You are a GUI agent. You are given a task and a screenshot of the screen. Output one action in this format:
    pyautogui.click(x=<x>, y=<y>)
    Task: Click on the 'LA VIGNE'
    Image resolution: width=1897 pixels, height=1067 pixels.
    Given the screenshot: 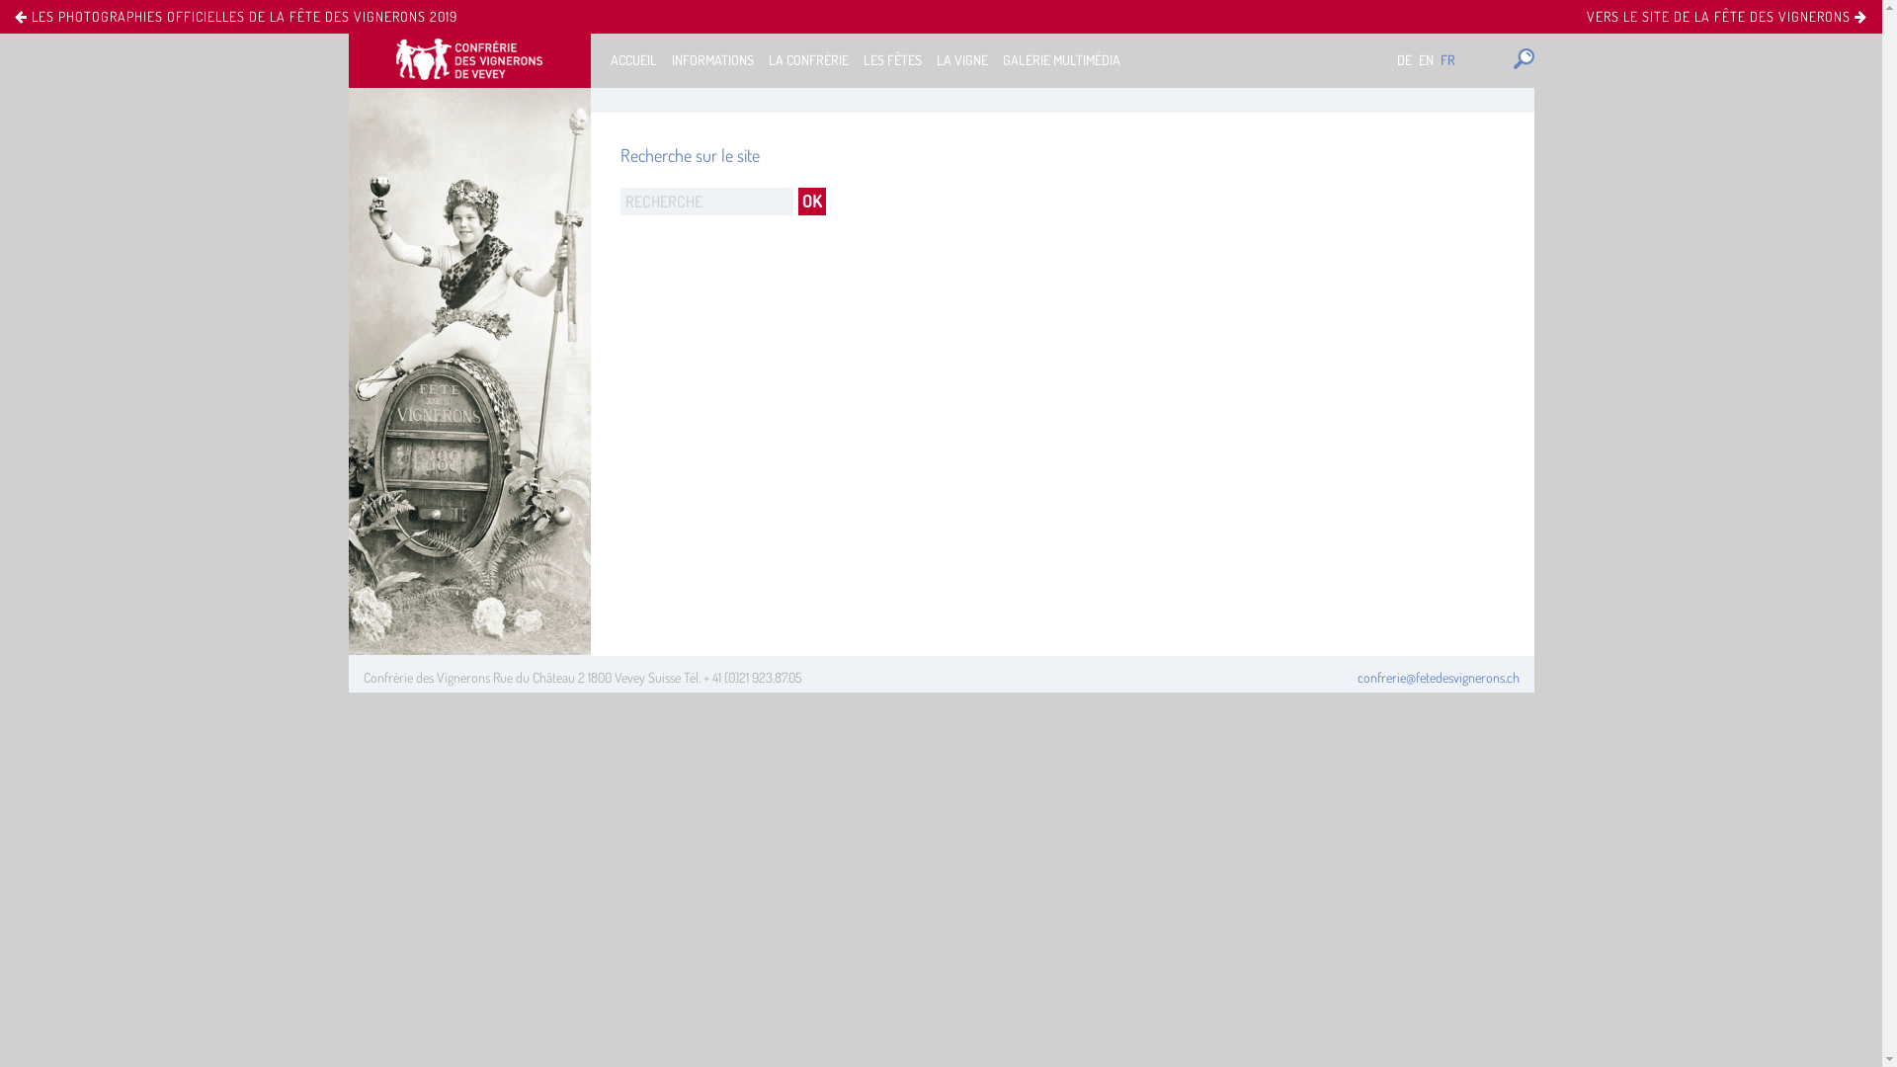 What is the action you would take?
    pyautogui.click(x=962, y=58)
    